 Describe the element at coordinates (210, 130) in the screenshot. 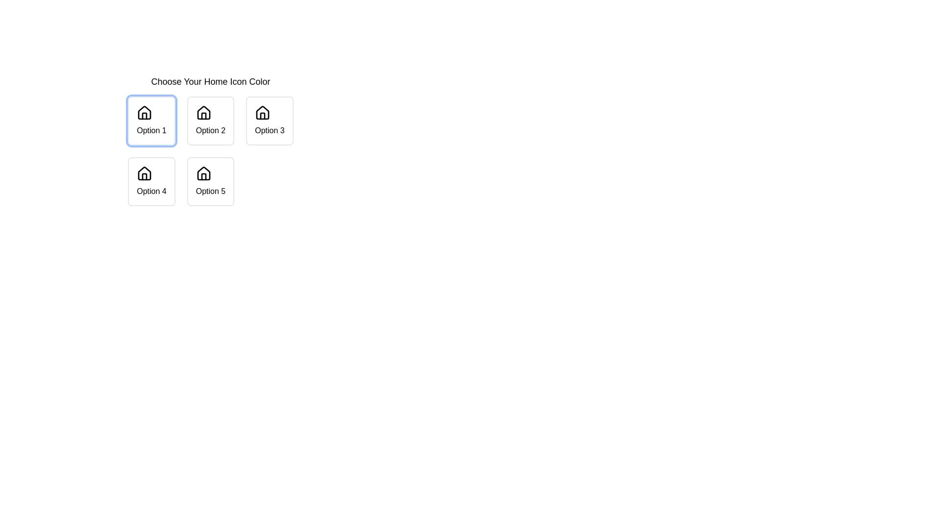

I see `the Text label located in the first row and second column of the grid interface, which identifies the specific option below the house icon graphic` at that location.